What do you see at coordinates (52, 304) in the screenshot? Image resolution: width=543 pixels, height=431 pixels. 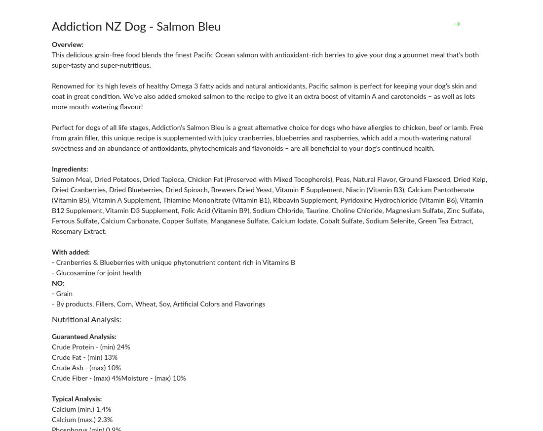 I see `'- By products, Fillers, Corn, Wheat, Soy, Artificial Colors and Flavorings'` at bounding box center [52, 304].